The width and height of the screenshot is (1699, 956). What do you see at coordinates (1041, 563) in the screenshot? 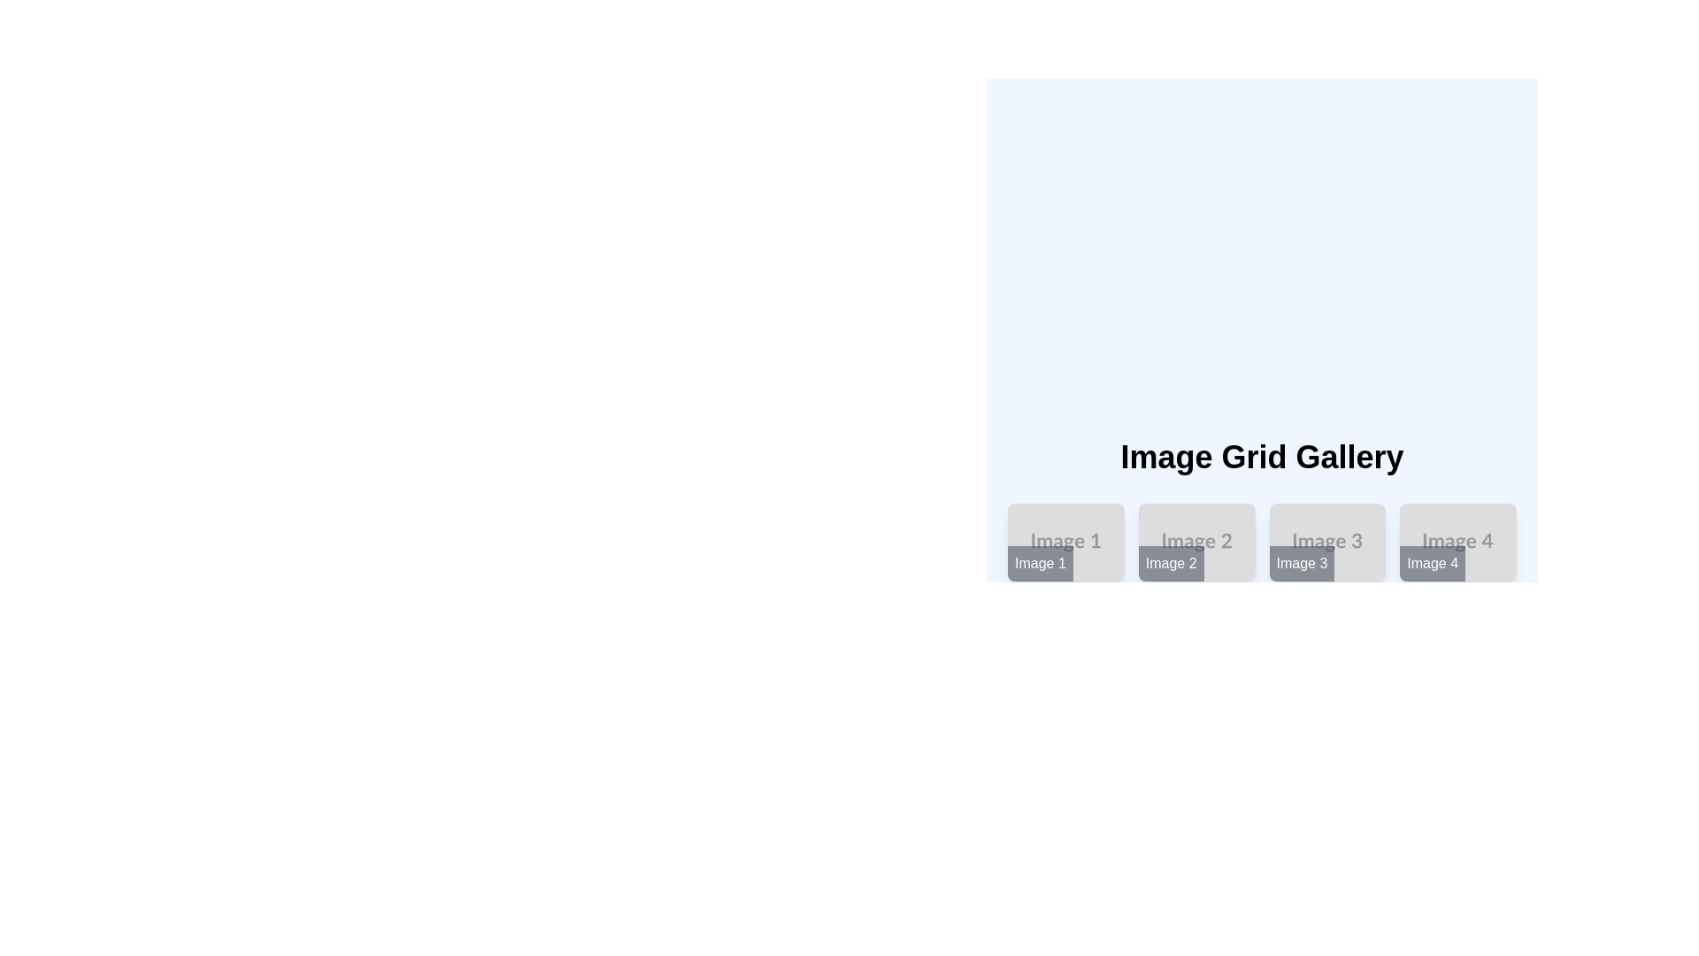
I see `the associated image using the label located` at bounding box center [1041, 563].